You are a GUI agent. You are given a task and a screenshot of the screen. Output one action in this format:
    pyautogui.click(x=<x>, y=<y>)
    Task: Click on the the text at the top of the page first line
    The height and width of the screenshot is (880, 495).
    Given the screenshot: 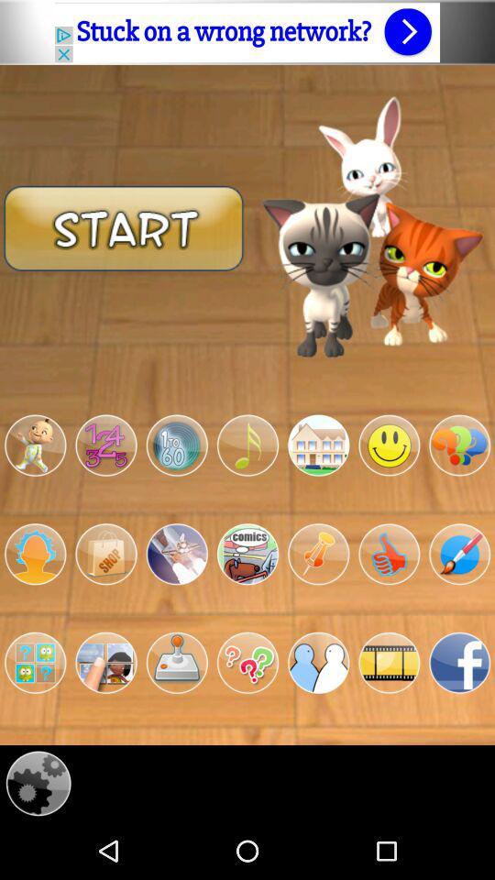 What is the action you would take?
    pyautogui.click(x=247, y=31)
    